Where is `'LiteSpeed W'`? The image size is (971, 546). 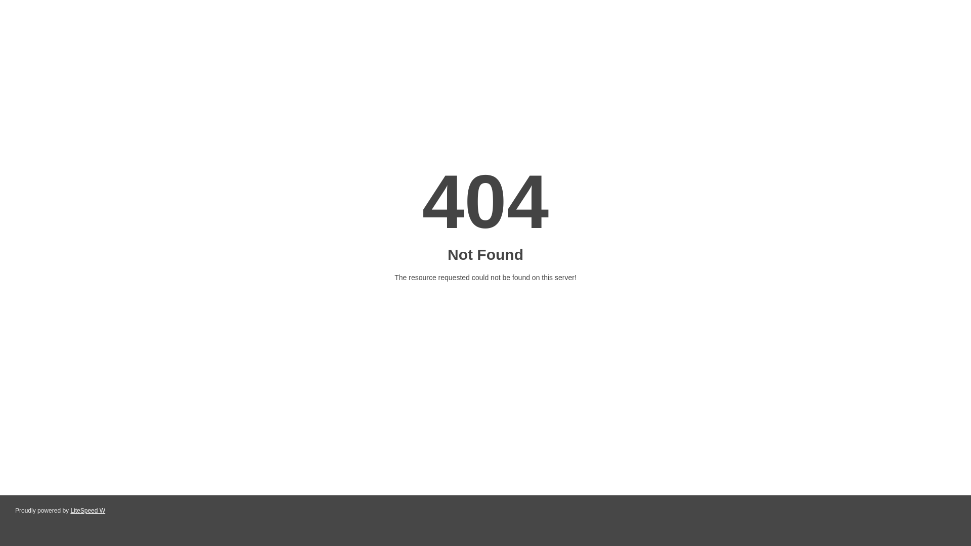 'LiteSpeed W' is located at coordinates (87, 511).